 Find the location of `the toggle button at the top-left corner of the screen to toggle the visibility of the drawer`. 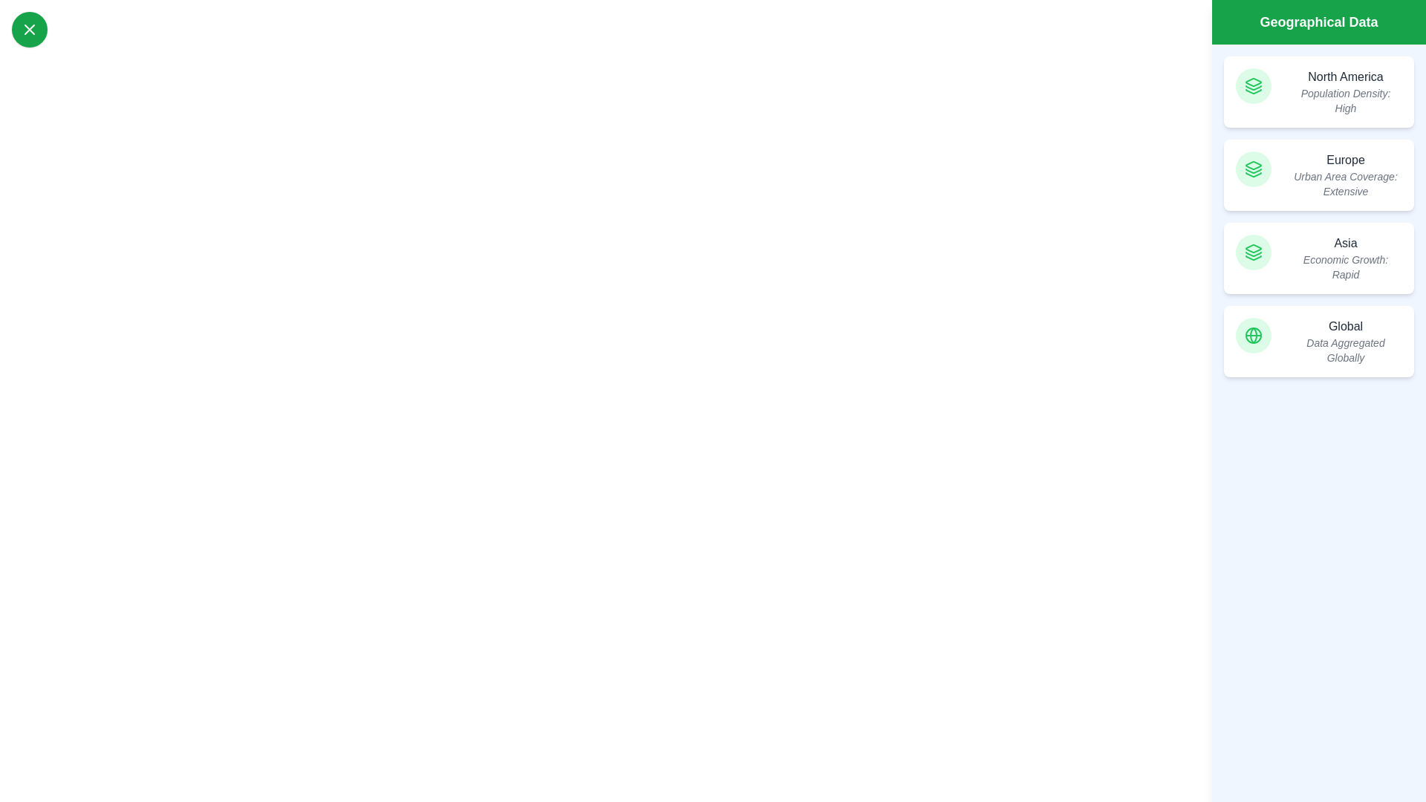

the toggle button at the top-left corner of the screen to toggle the visibility of the drawer is located at coordinates (29, 29).